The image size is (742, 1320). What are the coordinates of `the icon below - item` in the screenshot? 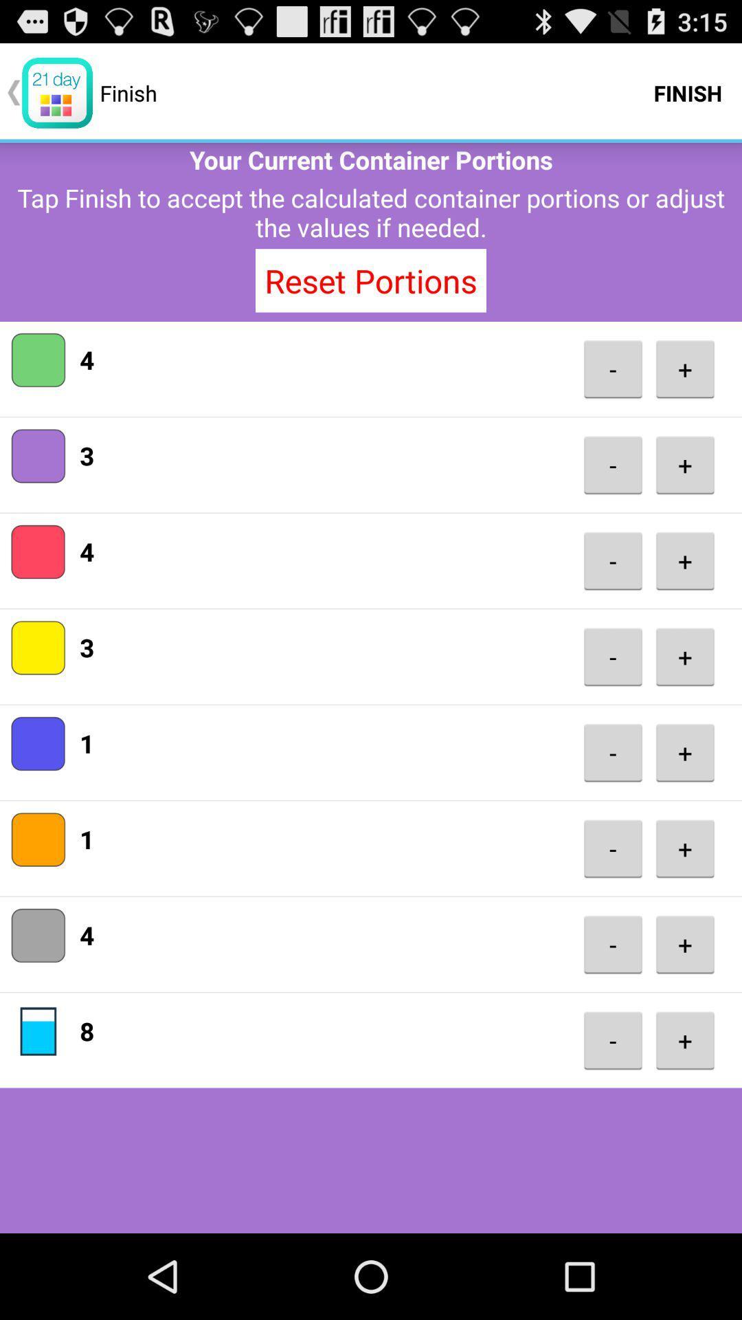 It's located at (685, 465).